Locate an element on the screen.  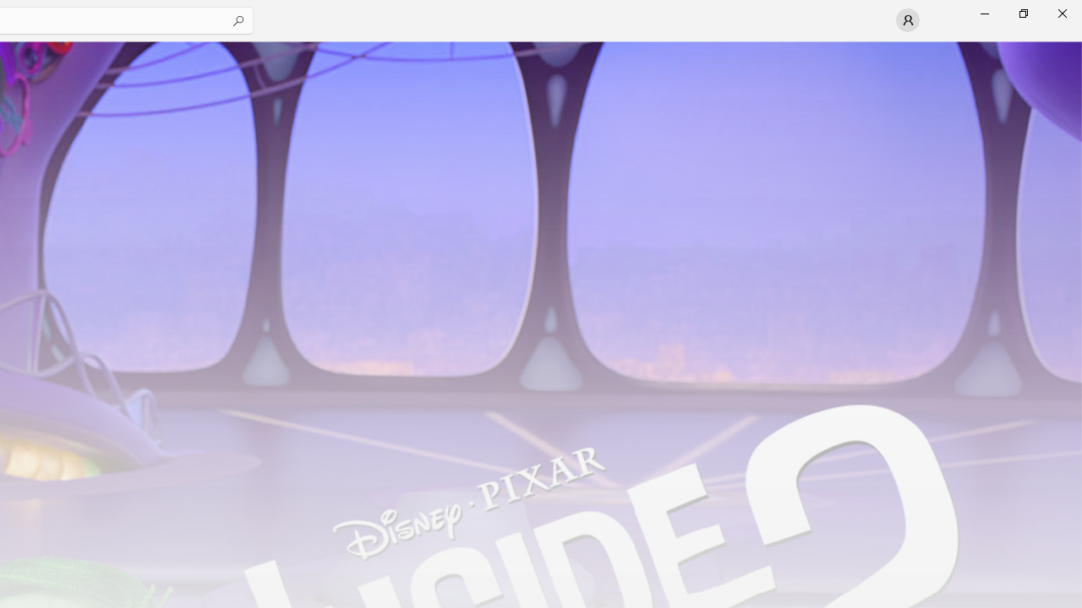
'Restore Microsoft Store' is located at coordinates (1022, 13).